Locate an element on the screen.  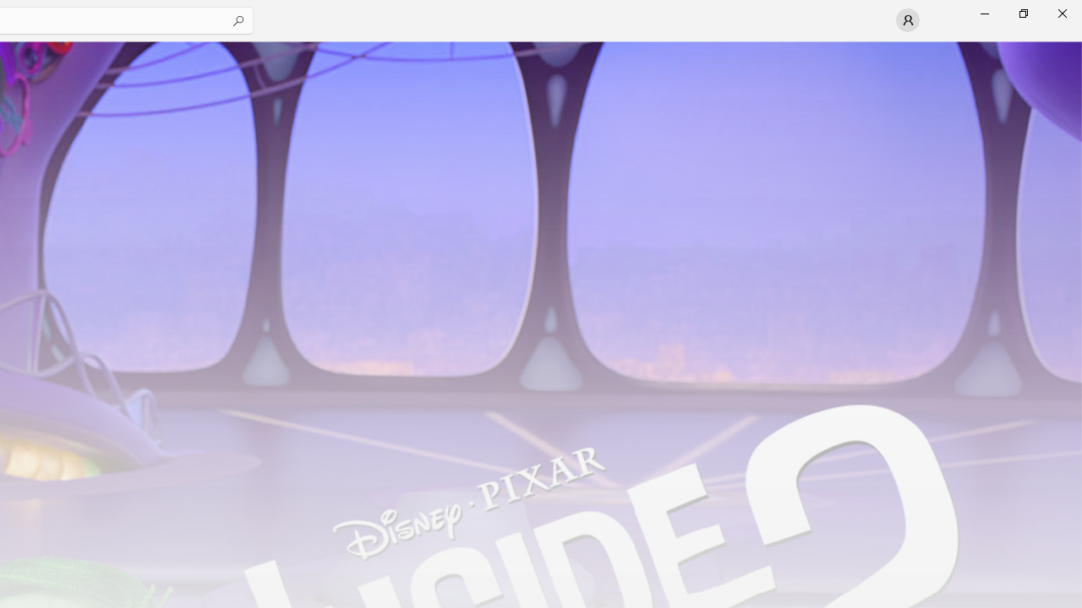
'Restore Microsoft Store' is located at coordinates (1022, 13).